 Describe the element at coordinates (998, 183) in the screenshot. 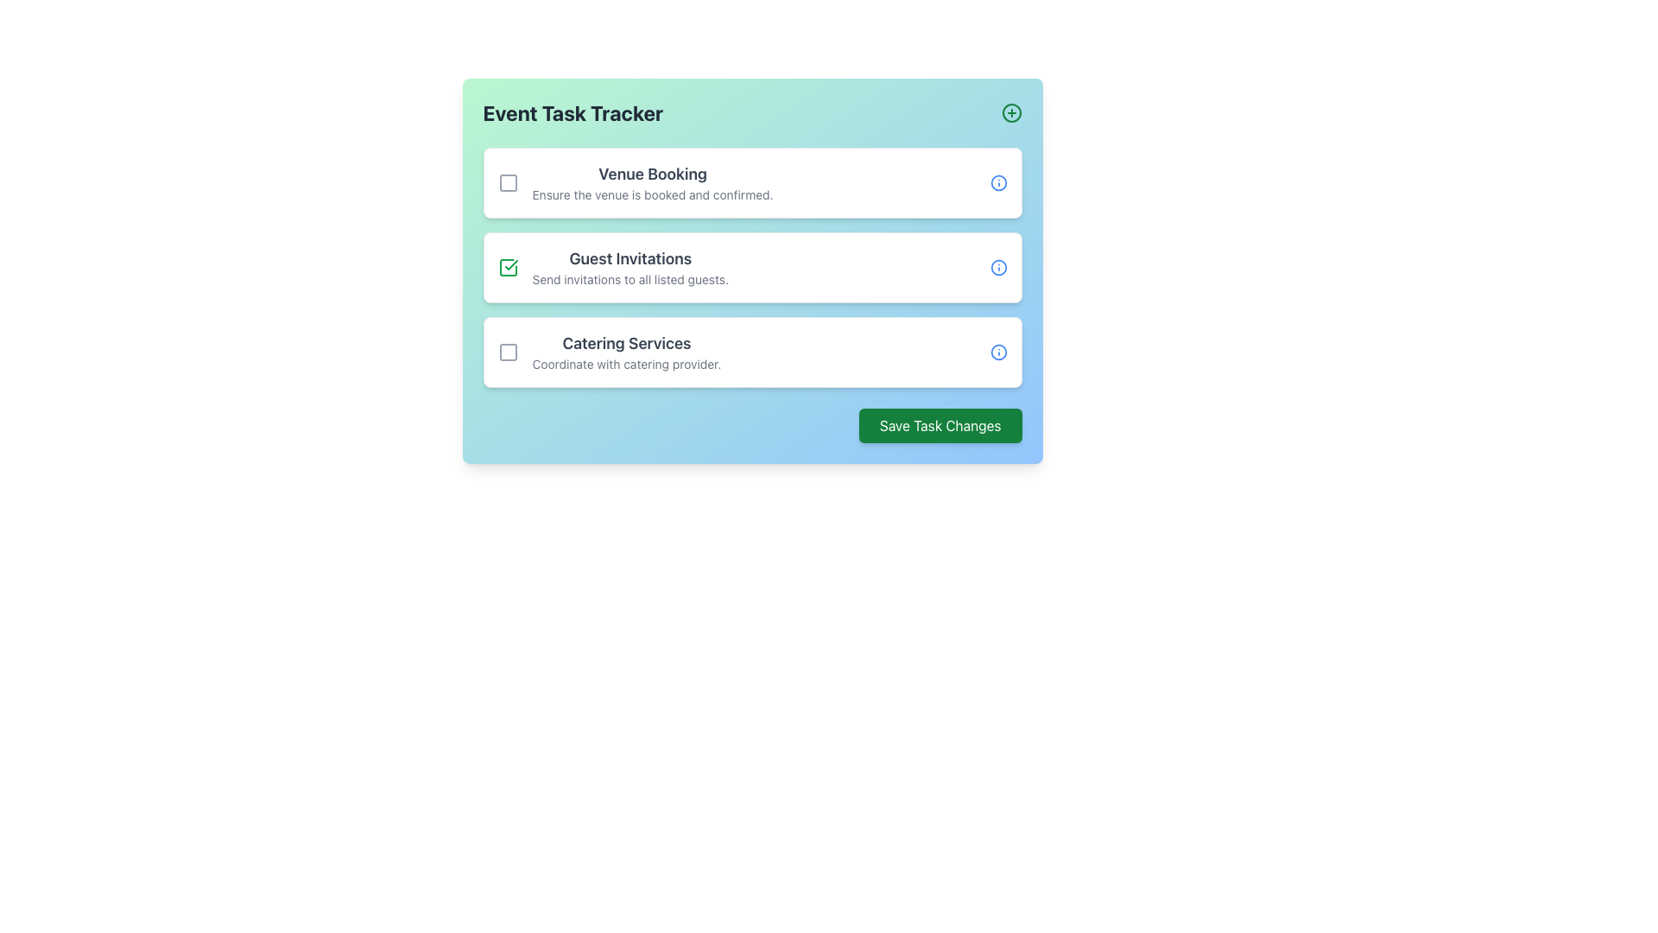

I see `the circular graphic element in the 'Venue Booking' task entry located in the upper right corner` at that location.